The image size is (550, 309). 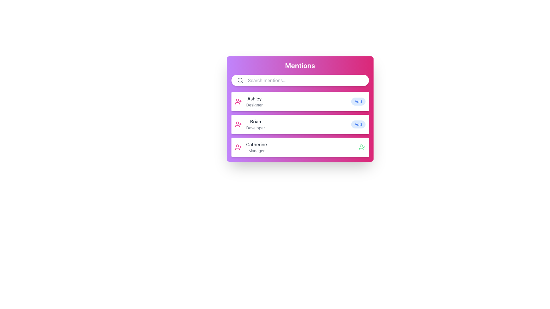 I want to click on the Multitext display element that shows 'Catherine - Manager', which is the third entry in the user mentions list, located below 'Brian - Developer' and above an icon, so click(x=256, y=147).